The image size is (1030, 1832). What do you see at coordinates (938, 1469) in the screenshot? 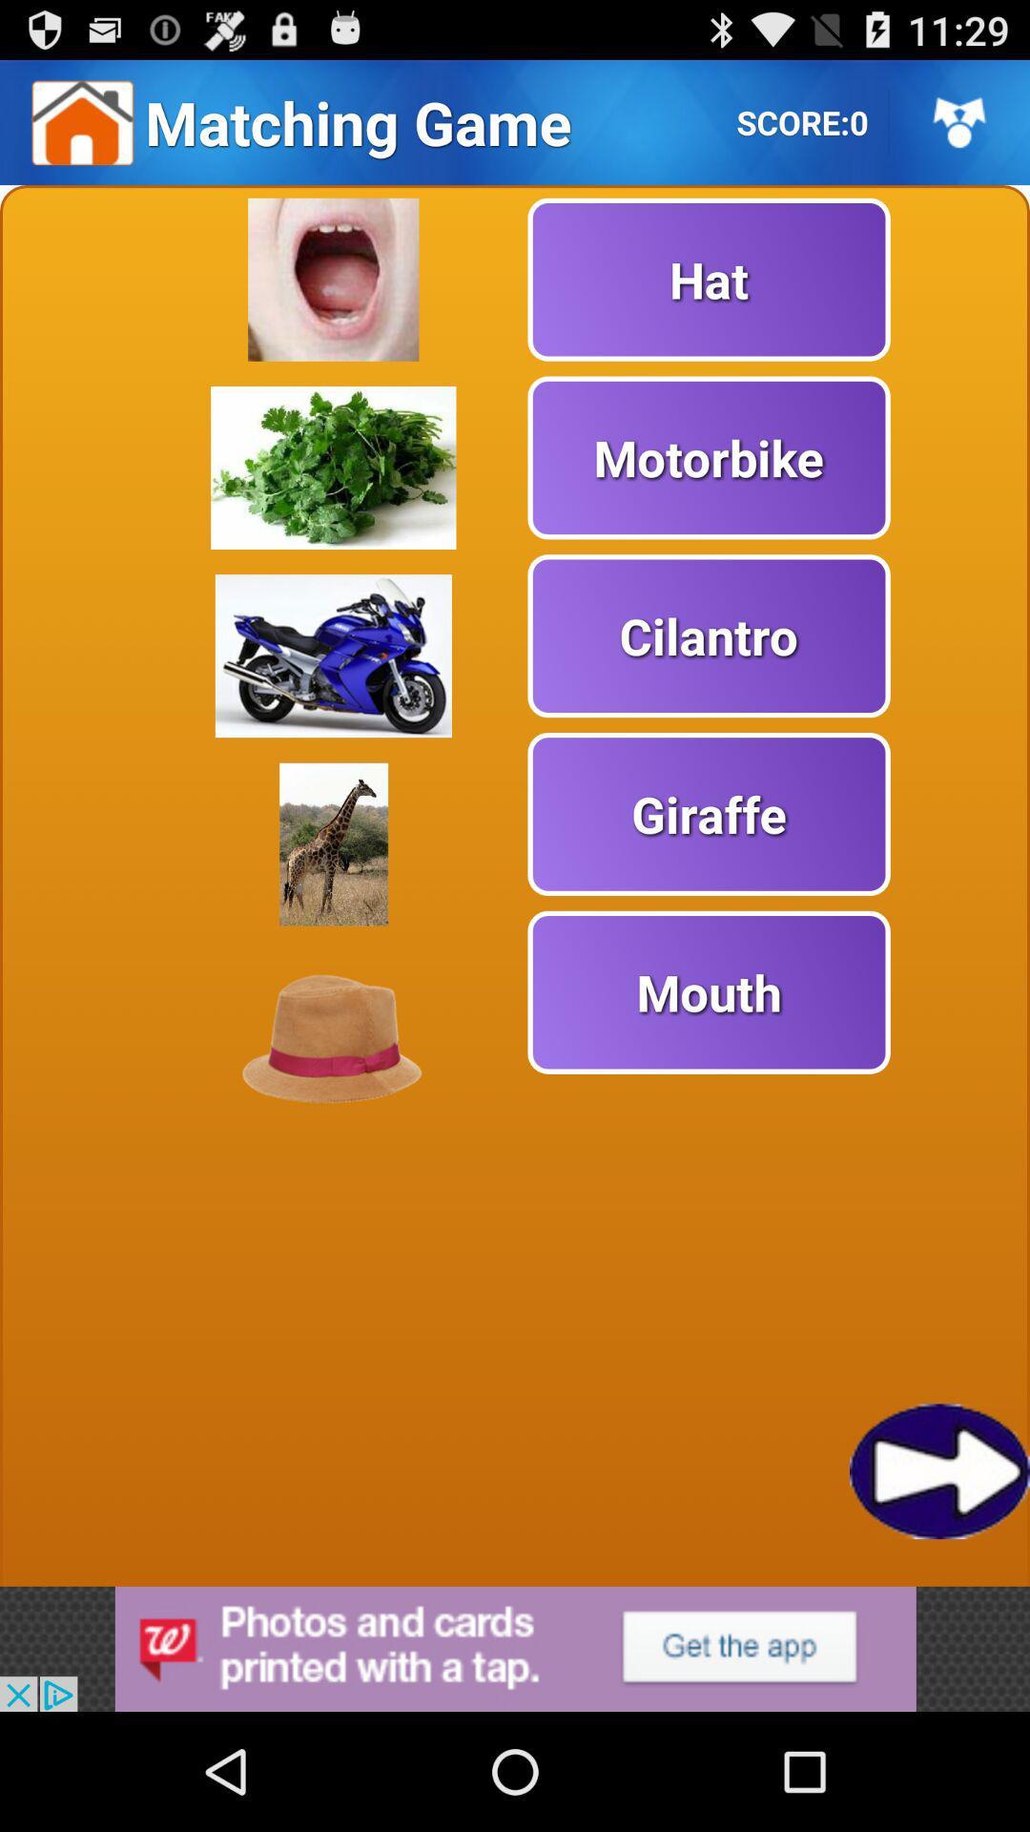
I see `next page` at bounding box center [938, 1469].